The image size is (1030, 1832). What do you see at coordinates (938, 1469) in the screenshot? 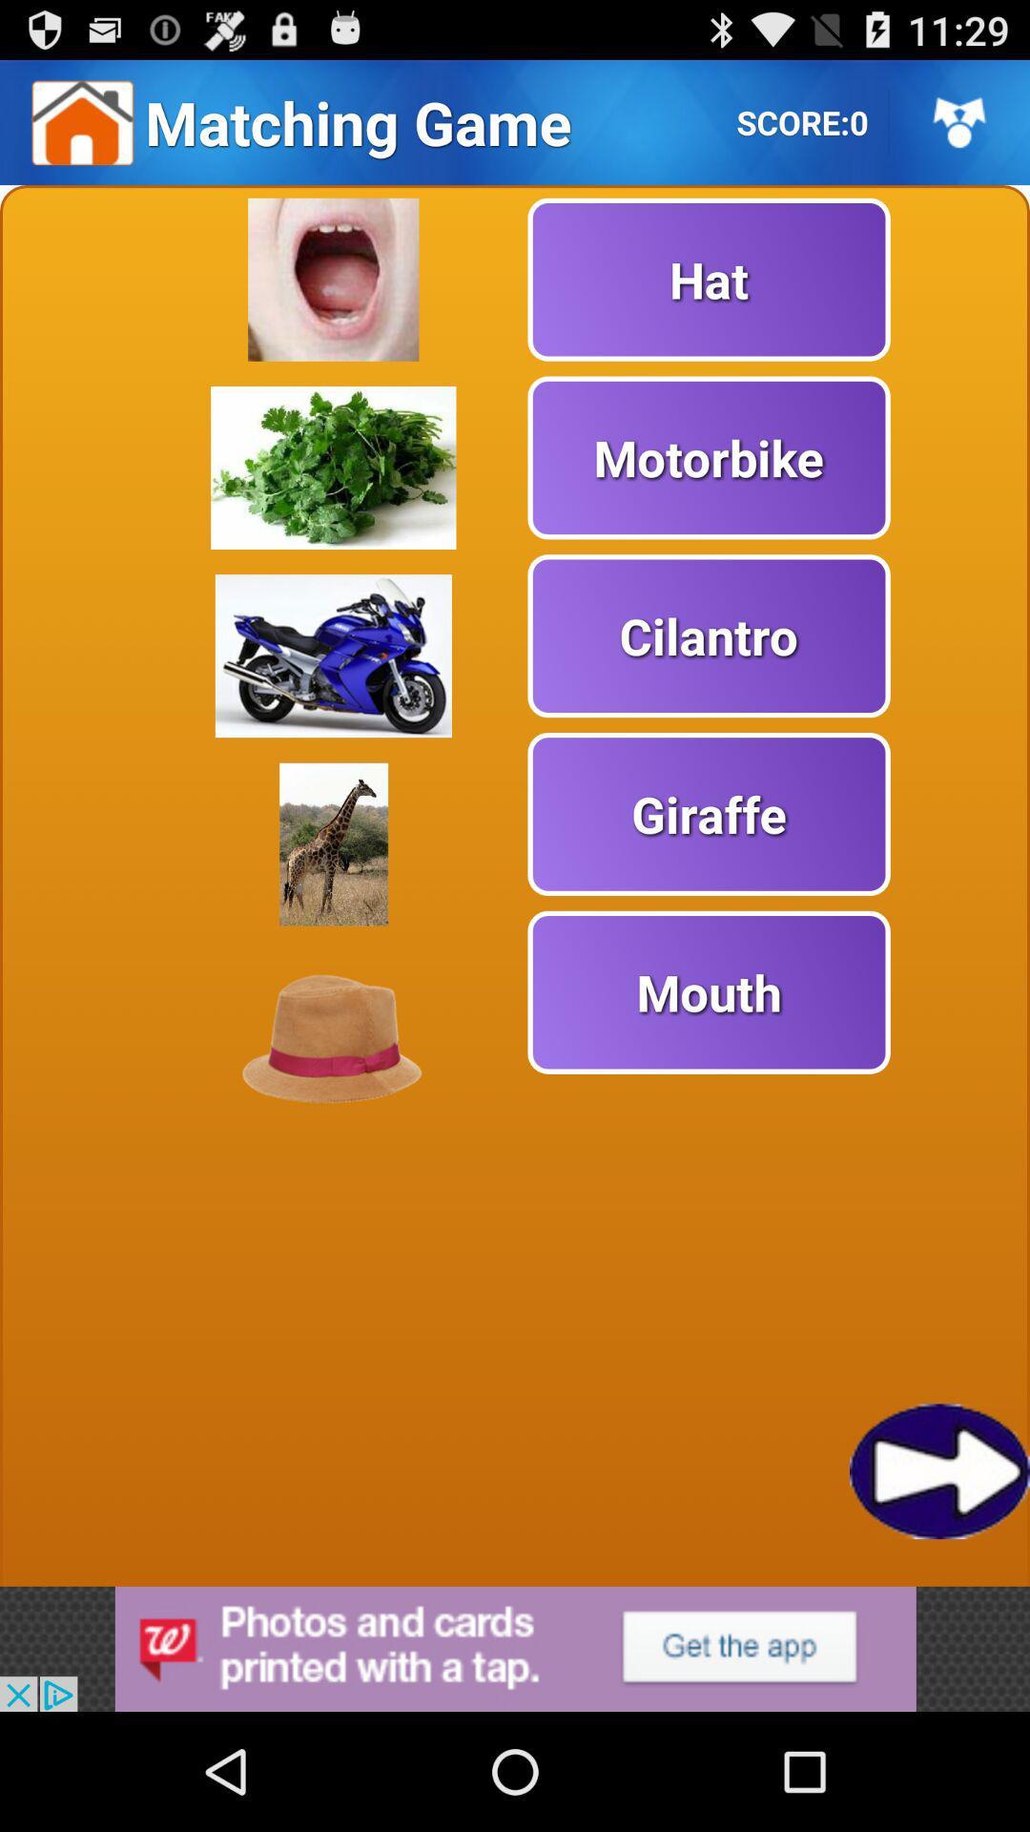
I see `next page` at bounding box center [938, 1469].